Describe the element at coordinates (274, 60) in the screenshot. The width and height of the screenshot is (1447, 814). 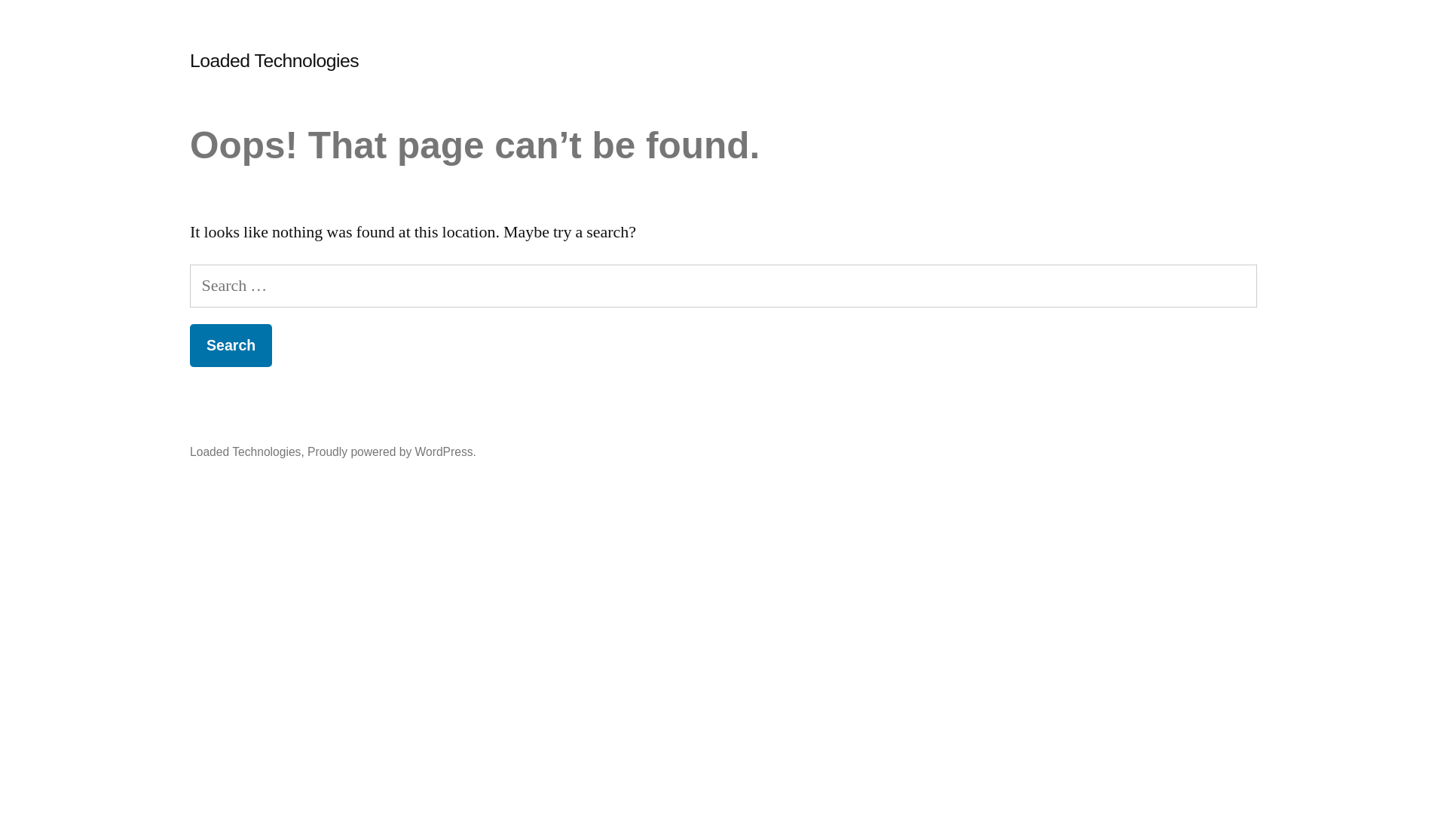
I see `'Loaded Technologies'` at that location.